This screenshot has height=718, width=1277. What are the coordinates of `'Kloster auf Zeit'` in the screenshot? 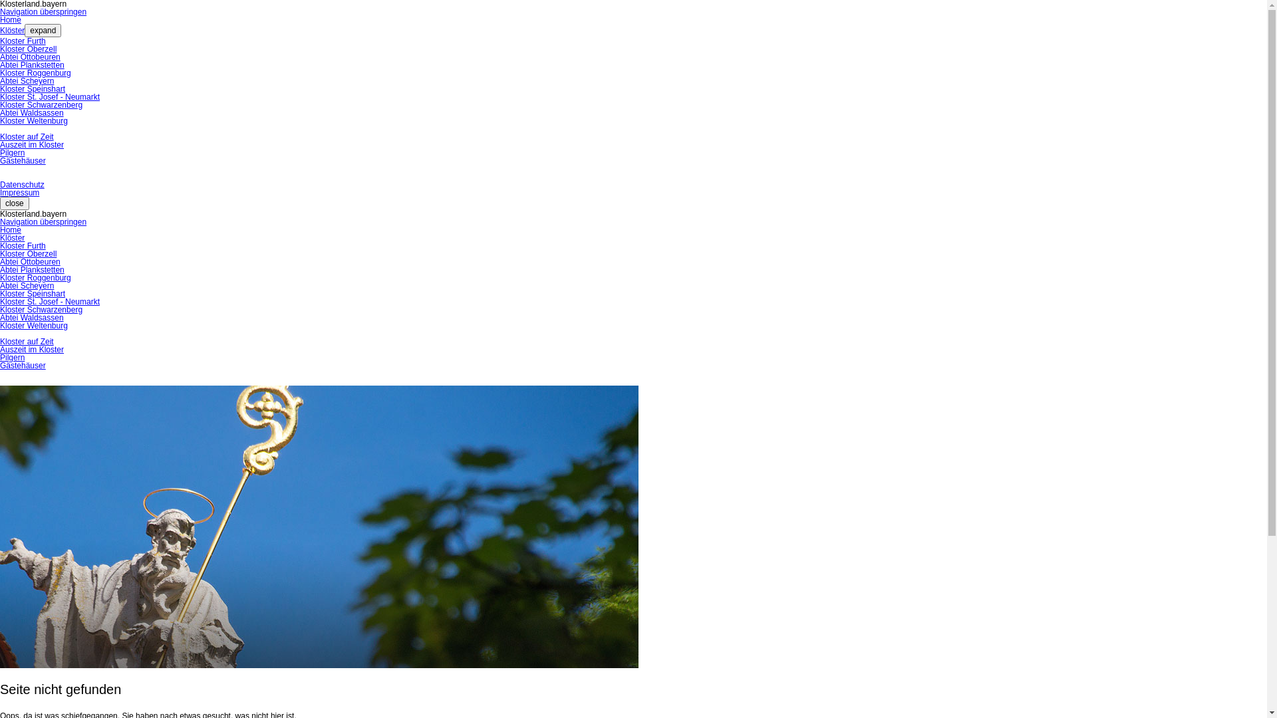 It's located at (27, 340).